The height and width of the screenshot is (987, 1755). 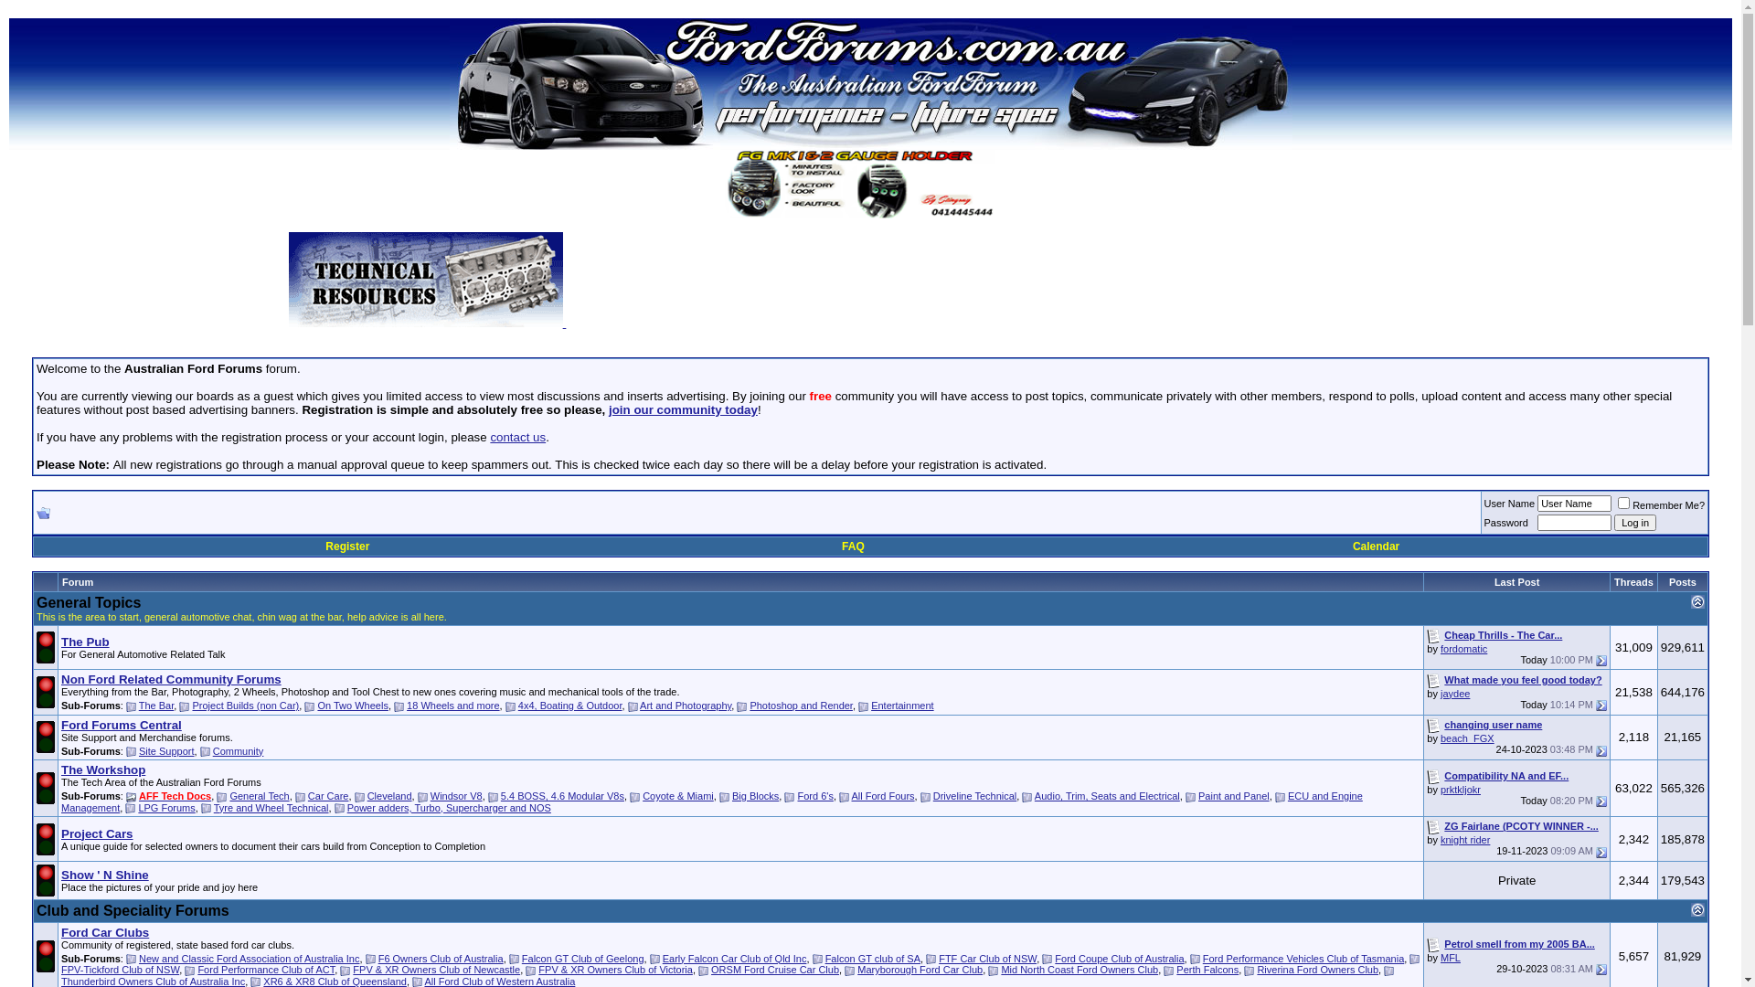 What do you see at coordinates (755, 795) in the screenshot?
I see `'Big Blocks'` at bounding box center [755, 795].